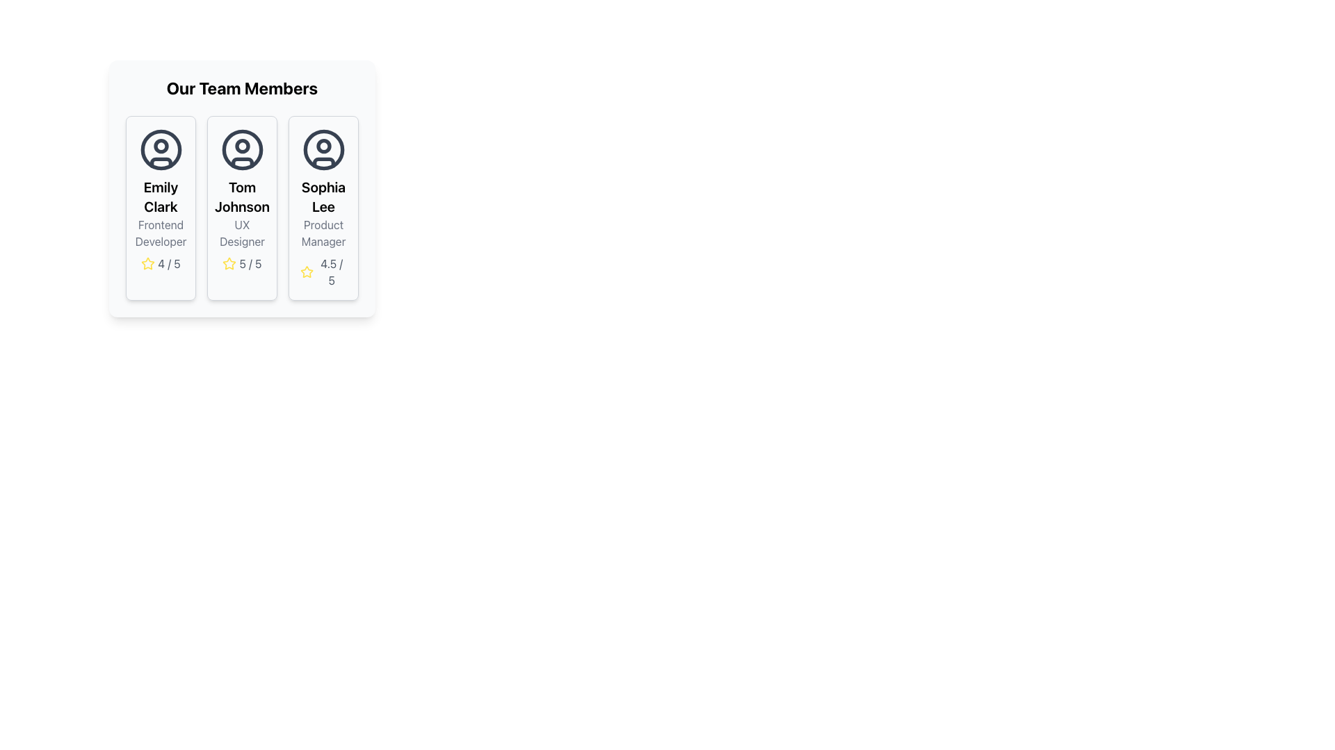  Describe the element at coordinates (242, 150) in the screenshot. I see `the largest circle in the 'Tom Johnson' profile icon, which serves as a decorative framing element within the 'Our Team Members' grid layout` at that location.